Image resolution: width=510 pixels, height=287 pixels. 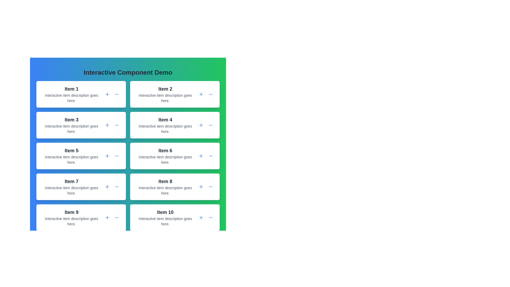 What do you see at coordinates (201, 217) in the screenshot?
I see `the blue plus sign SVG button located to the right of the 'Item 10' label in the 'Interactive Component Demo' interface to trigger the tooltip or focus effect` at bounding box center [201, 217].